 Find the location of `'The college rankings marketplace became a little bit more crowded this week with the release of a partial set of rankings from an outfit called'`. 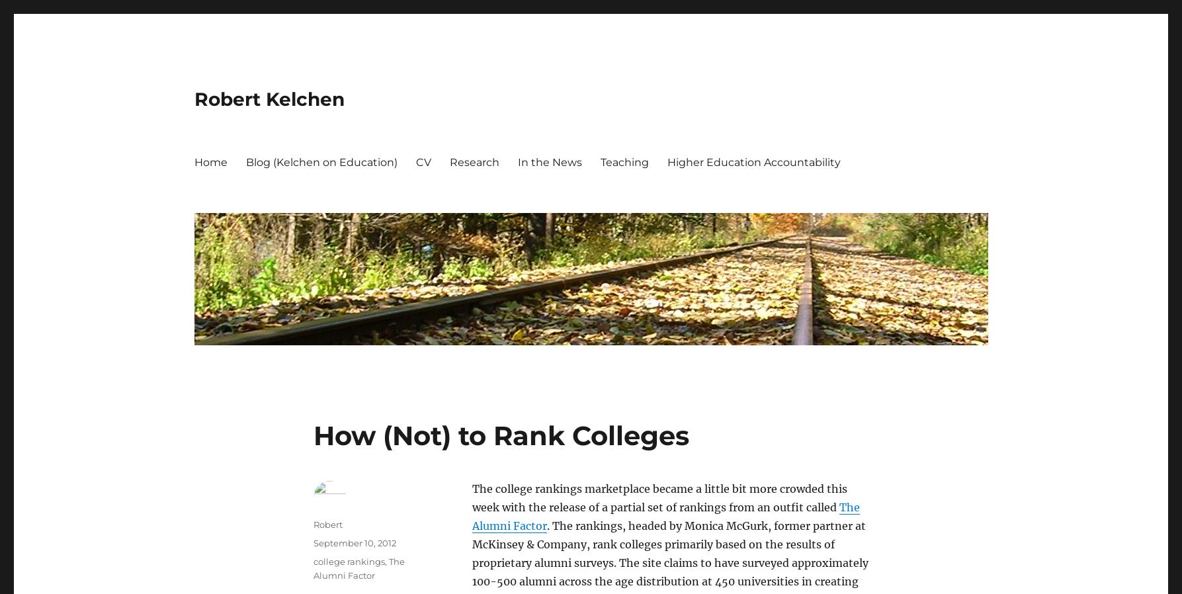

'The college rankings marketplace became a little bit more crowded this week with the release of a partial set of rankings from an outfit called' is located at coordinates (658, 497).